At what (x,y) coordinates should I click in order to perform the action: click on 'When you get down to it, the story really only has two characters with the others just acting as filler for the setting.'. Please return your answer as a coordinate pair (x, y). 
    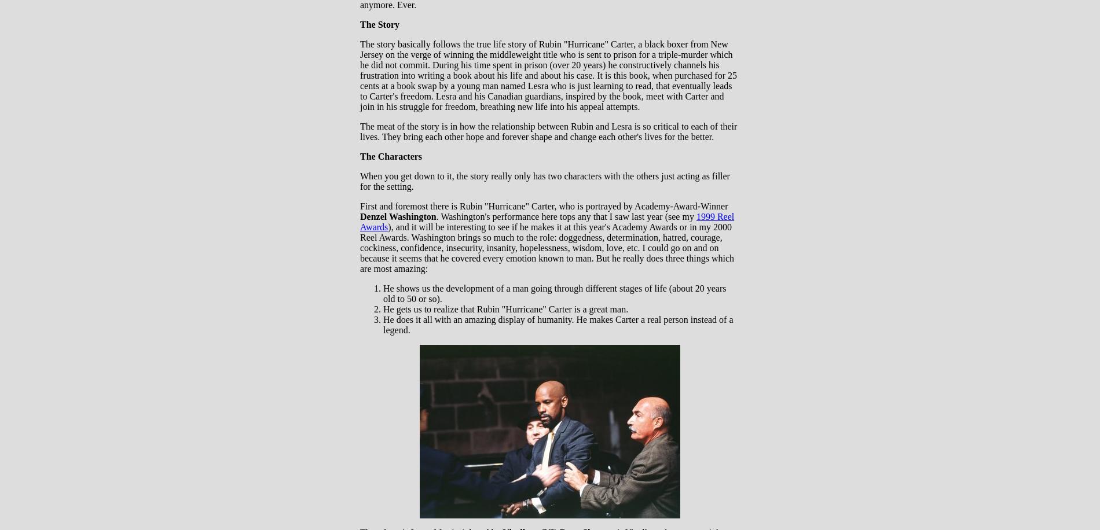
    Looking at the image, I should click on (544, 181).